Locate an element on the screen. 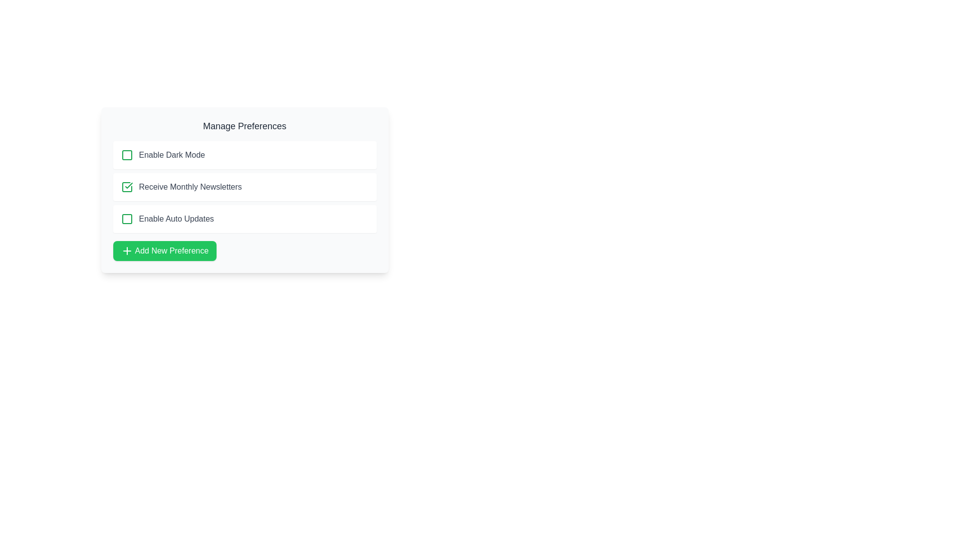 Image resolution: width=958 pixels, height=539 pixels. the Heading text that serves as the title for the preferences management section, positioned at the top of the rectangular card interface is located at coordinates (244, 126).